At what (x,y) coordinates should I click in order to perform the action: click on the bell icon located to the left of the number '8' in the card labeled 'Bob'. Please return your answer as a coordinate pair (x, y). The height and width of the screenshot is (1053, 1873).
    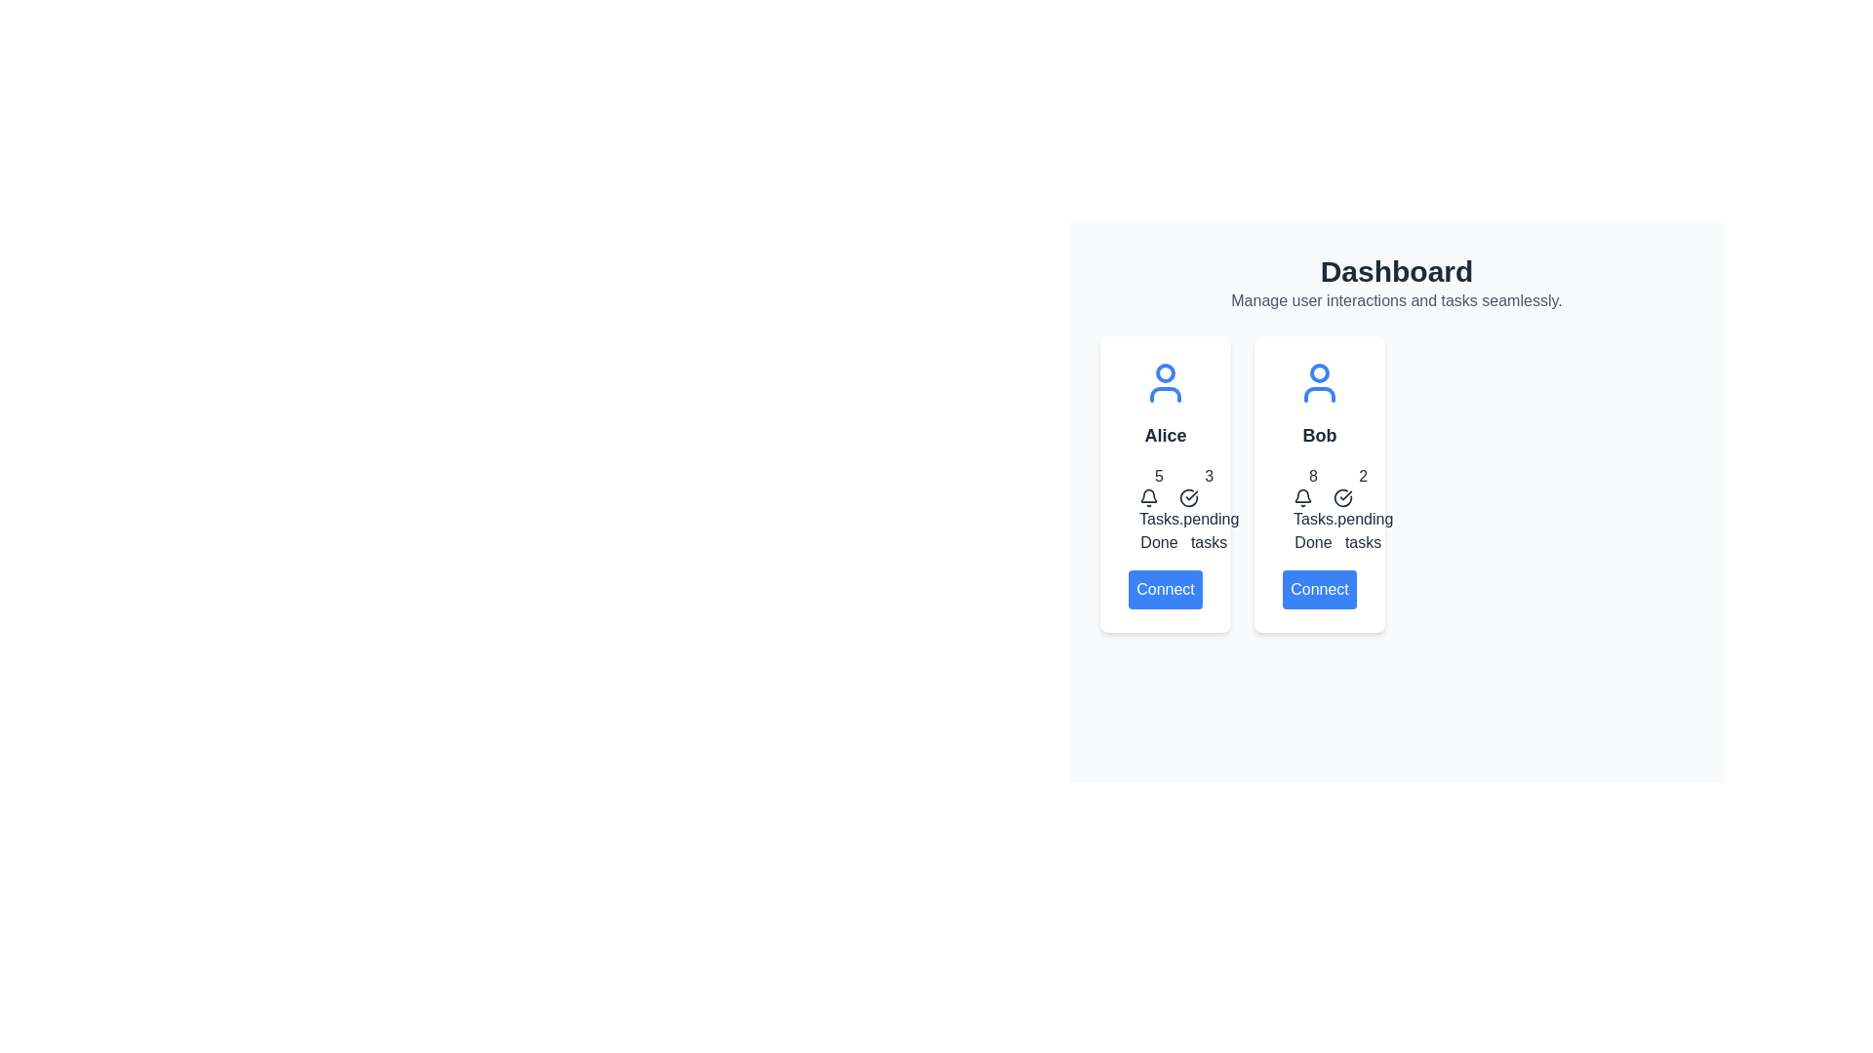
    Looking at the image, I should click on (1302, 496).